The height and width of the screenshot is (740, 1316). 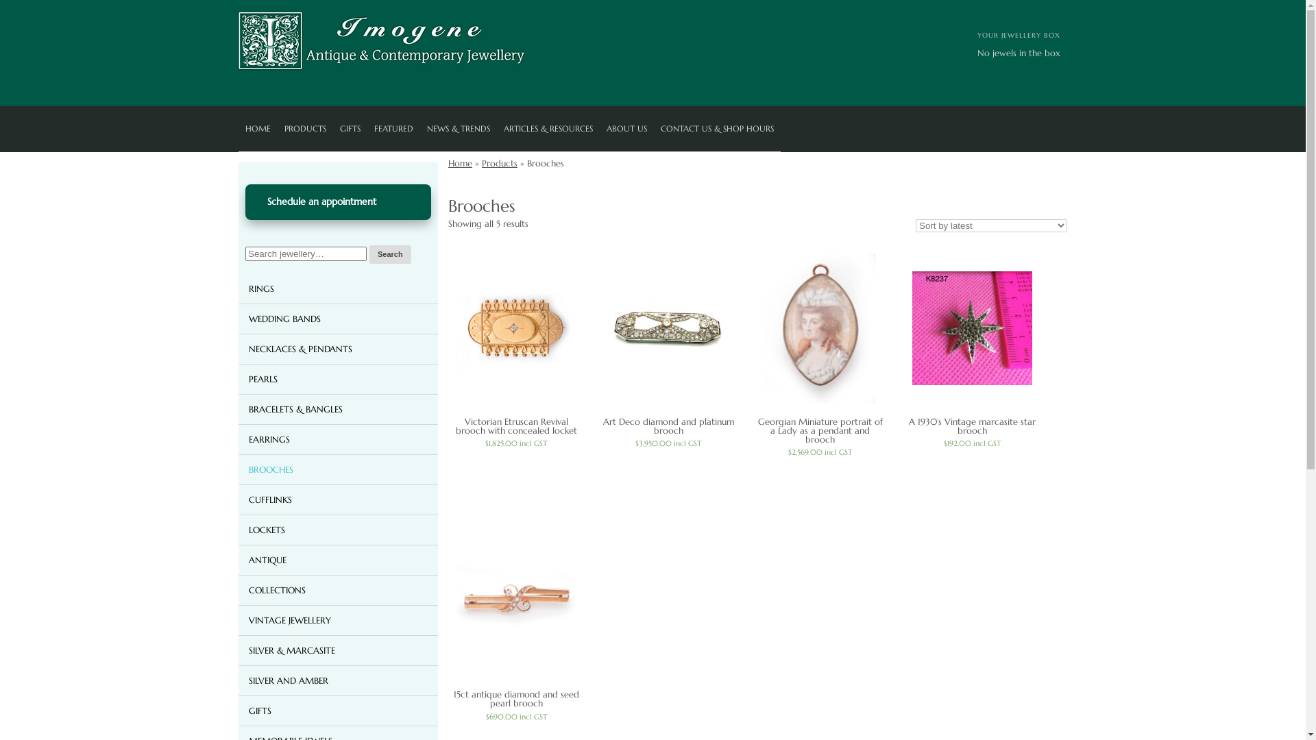 What do you see at coordinates (338, 499) in the screenshot?
I see `'CUFFLINKS'` at bounding box center [338, 499].